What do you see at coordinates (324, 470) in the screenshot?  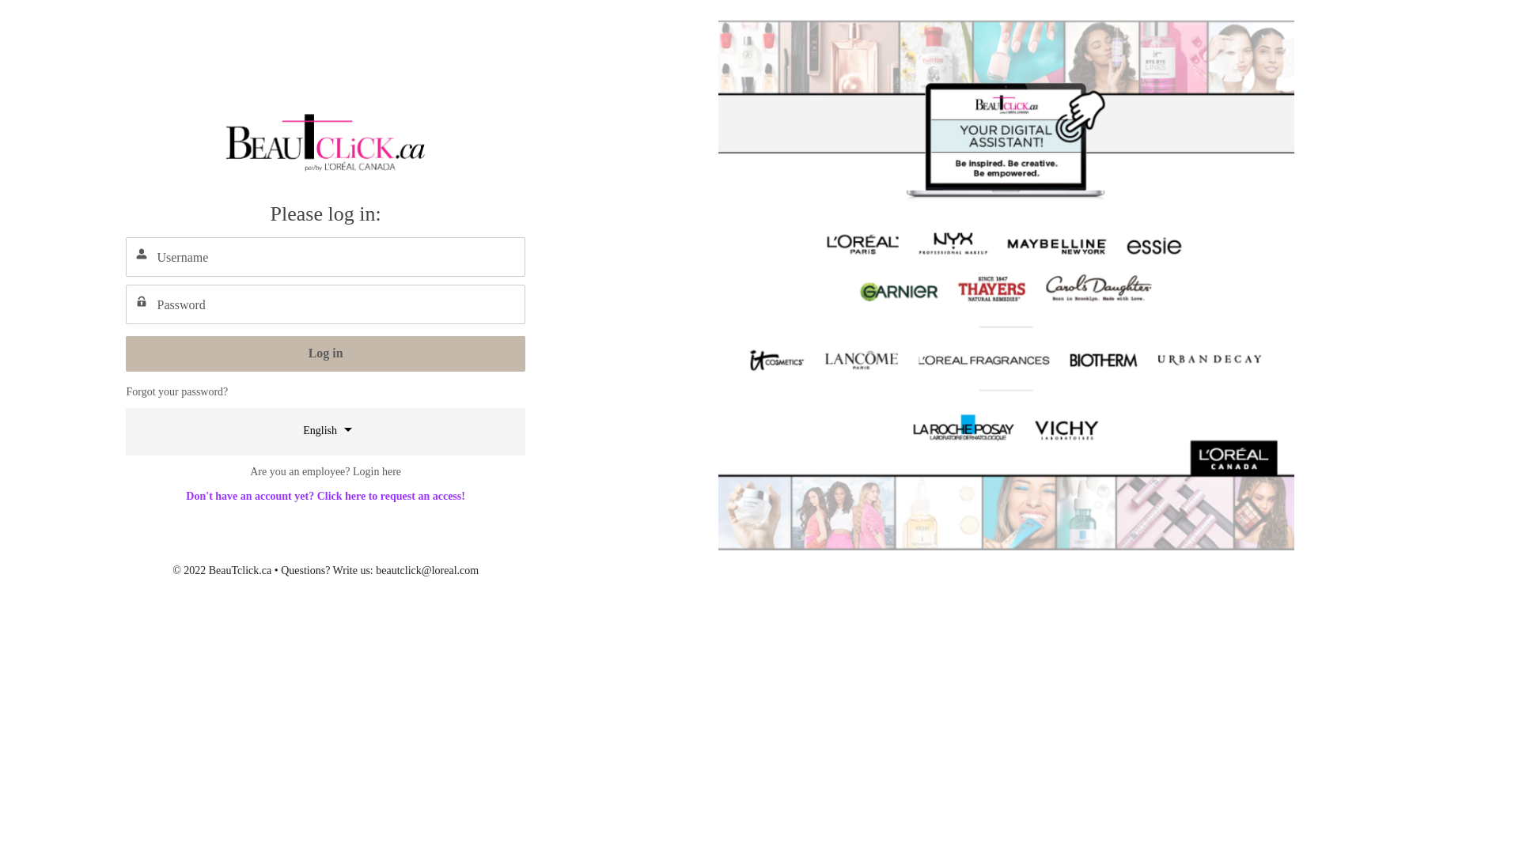 I see `'Are you an employee? Login here'` at bounding box center [324, 470].